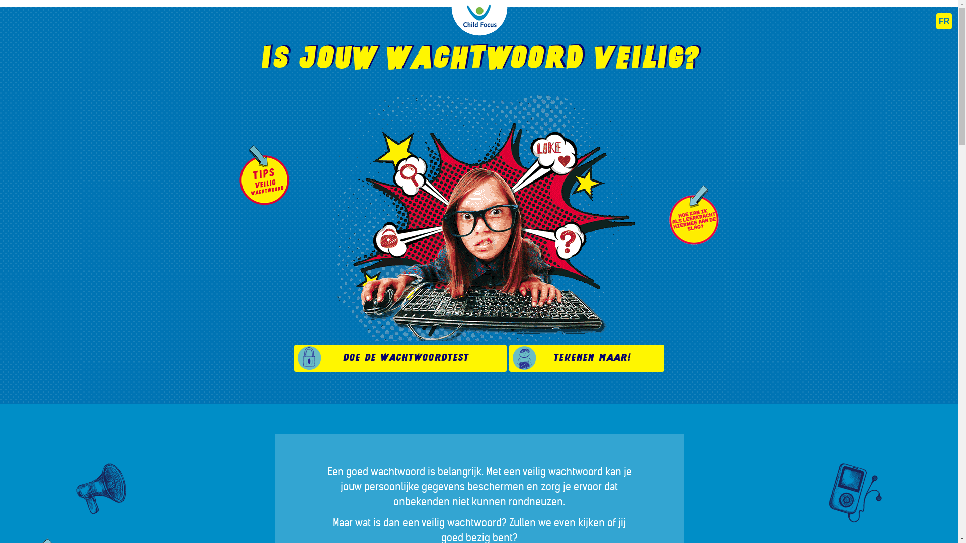 The image size is (966, 543). Describe the element at coordinates (587, 357) in the screenshot. I see `'Tekenen maar!'` at that location.